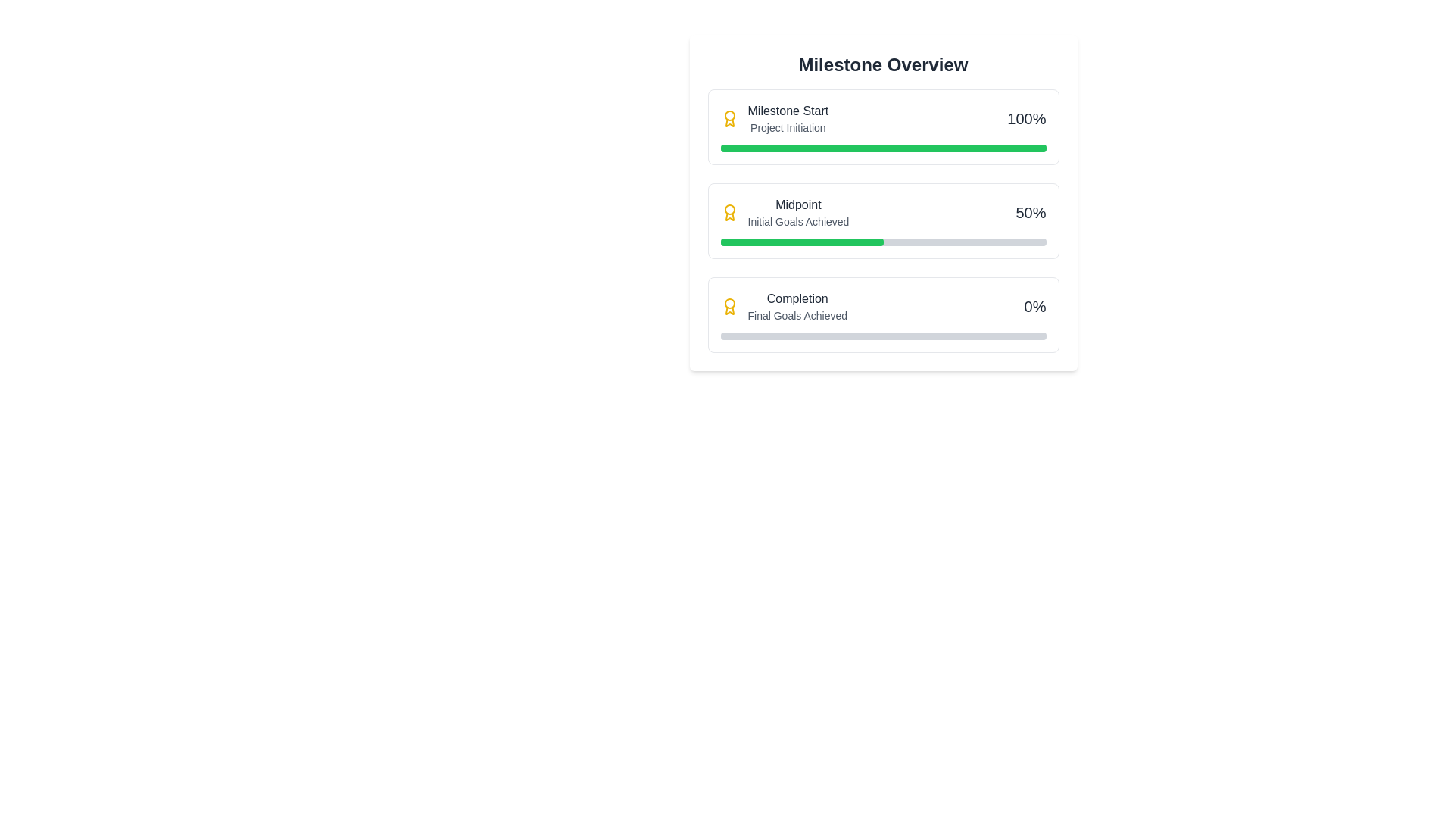 Image resolution: width=1454 pixels, height=818 pixels. Describe the element at coordinates (729, 118) in the screenshot. I see `the milestone achievement status icon located in the first row of the milestone list, positioned to the left of the 'Milestone Start' text and above the 'Project Initiation' text` at that location.